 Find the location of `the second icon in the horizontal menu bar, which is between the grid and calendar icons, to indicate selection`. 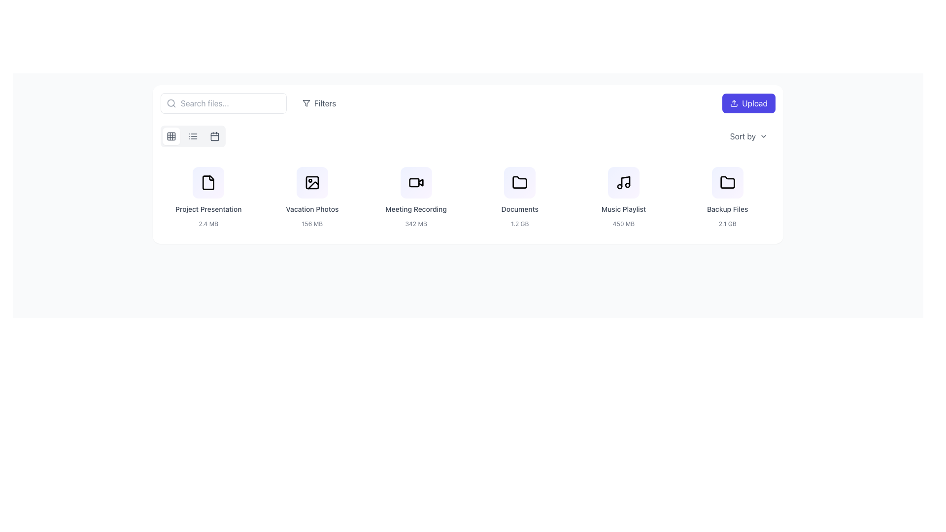

the second icon in the horizontal menu bar, which is between the grid and calendar icons, to indicate selection is located at coordinates (193, 136).